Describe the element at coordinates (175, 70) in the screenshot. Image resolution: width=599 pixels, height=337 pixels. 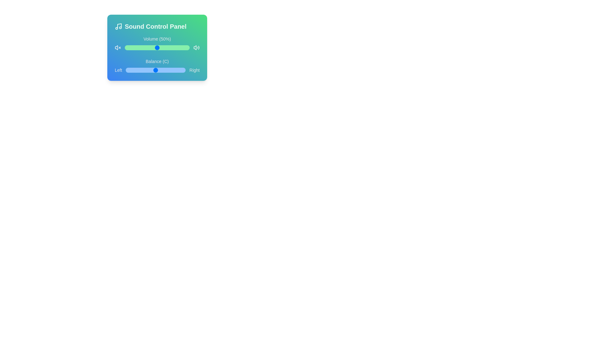
I see `balance` at that location.